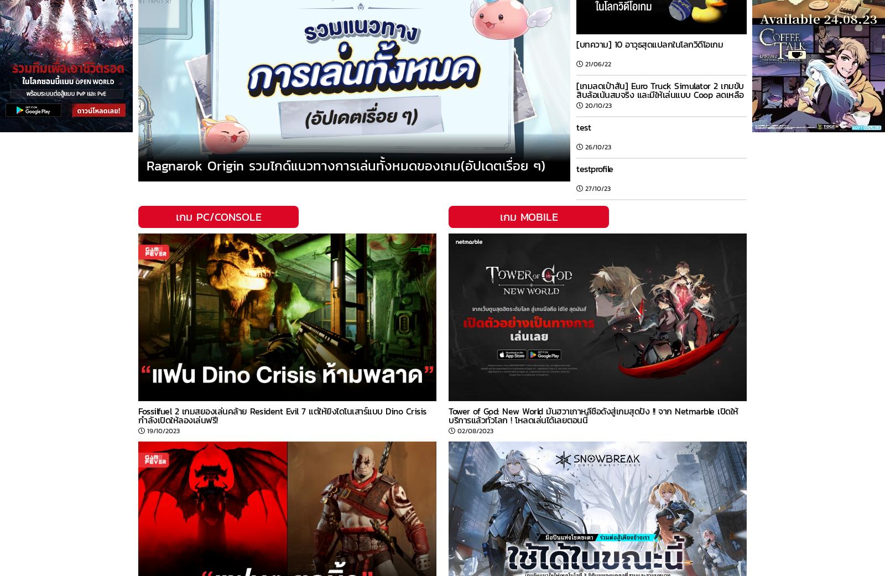 The height and width of the screenshot is (576, 885). Describe the element at coordinates (598, 106) in the screenshot. I see `'20/10/23'` at that location.